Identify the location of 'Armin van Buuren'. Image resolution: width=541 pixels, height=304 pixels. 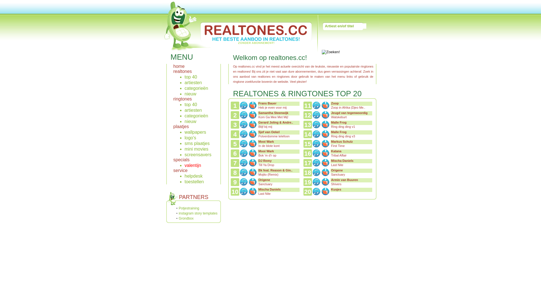
(331, 180).